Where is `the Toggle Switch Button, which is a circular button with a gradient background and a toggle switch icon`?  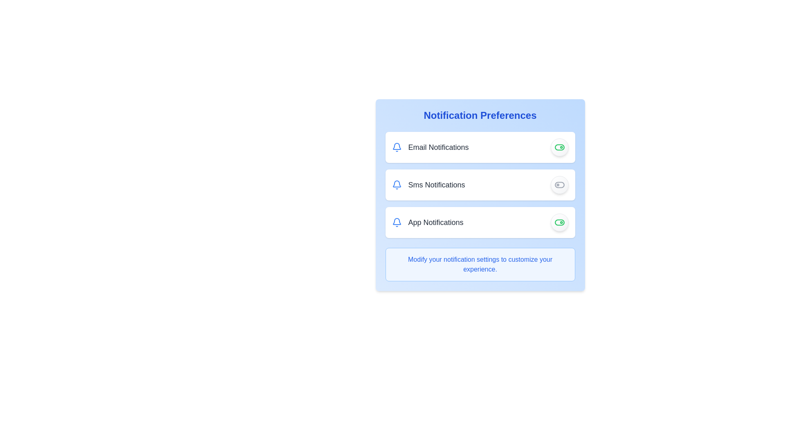
the Toggle Switch Button, which is a circular button with a gradient background and a toggle switch icon is located at coordinates (559, 185).